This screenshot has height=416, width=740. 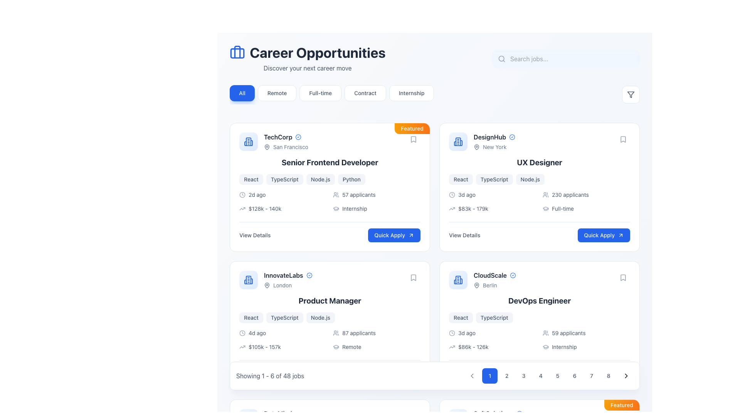 I want to click on text displayed on the rounded rectangular label that says 'React', which is located near the top-left area of the job details for 'Product Manager' at 'InnovateLabs', so click(x=251, y=318).